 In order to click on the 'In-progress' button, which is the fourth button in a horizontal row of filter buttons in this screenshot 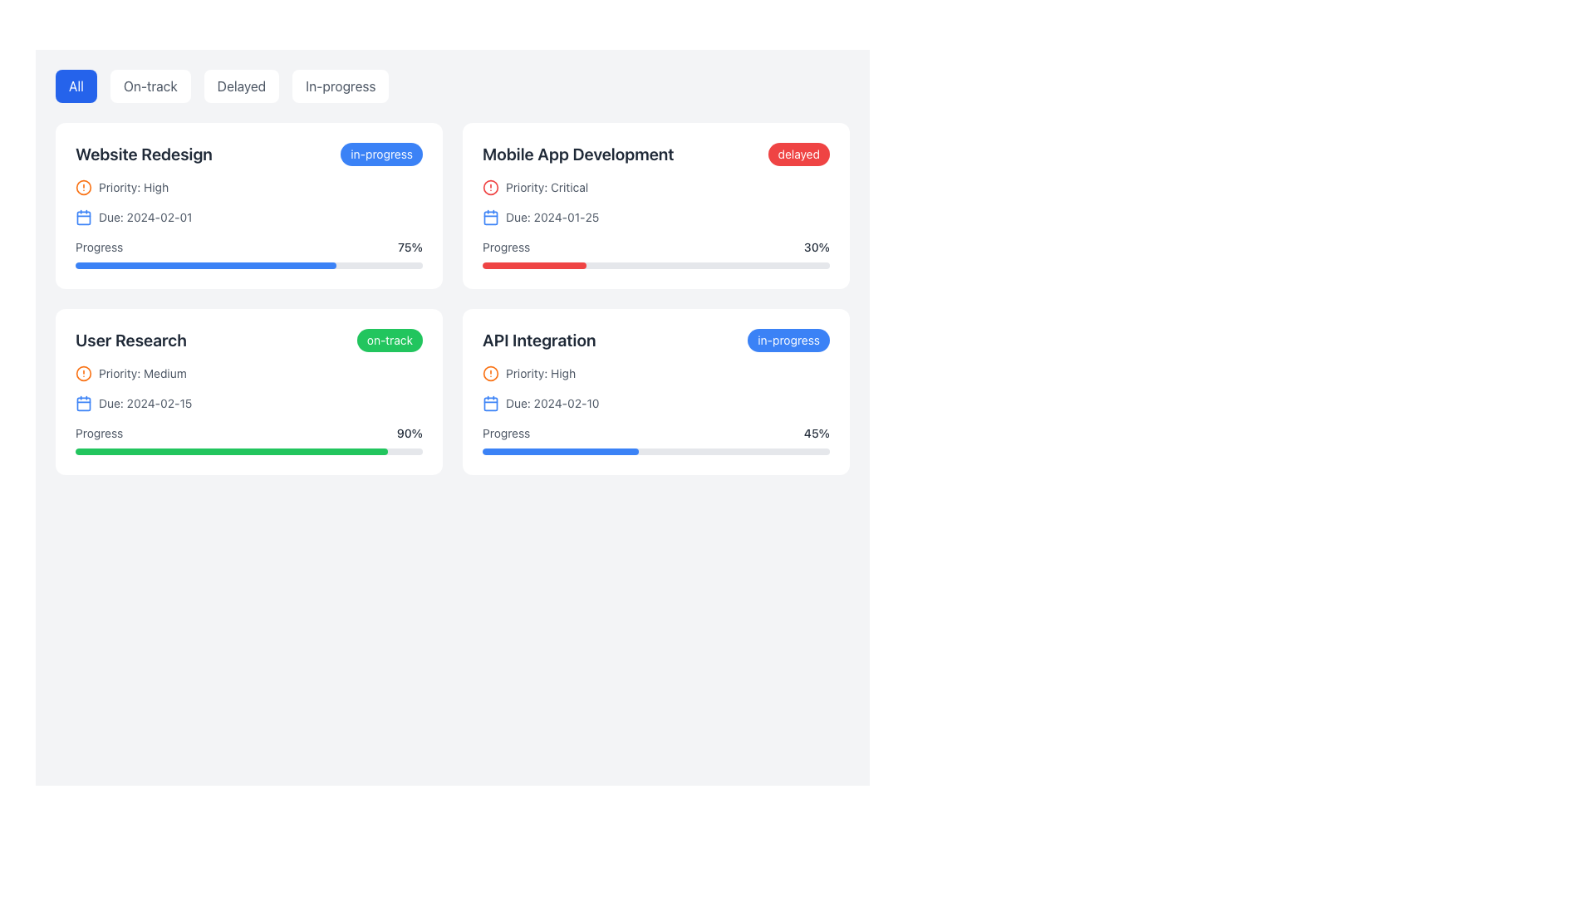, I will do `click(340, 86)`.